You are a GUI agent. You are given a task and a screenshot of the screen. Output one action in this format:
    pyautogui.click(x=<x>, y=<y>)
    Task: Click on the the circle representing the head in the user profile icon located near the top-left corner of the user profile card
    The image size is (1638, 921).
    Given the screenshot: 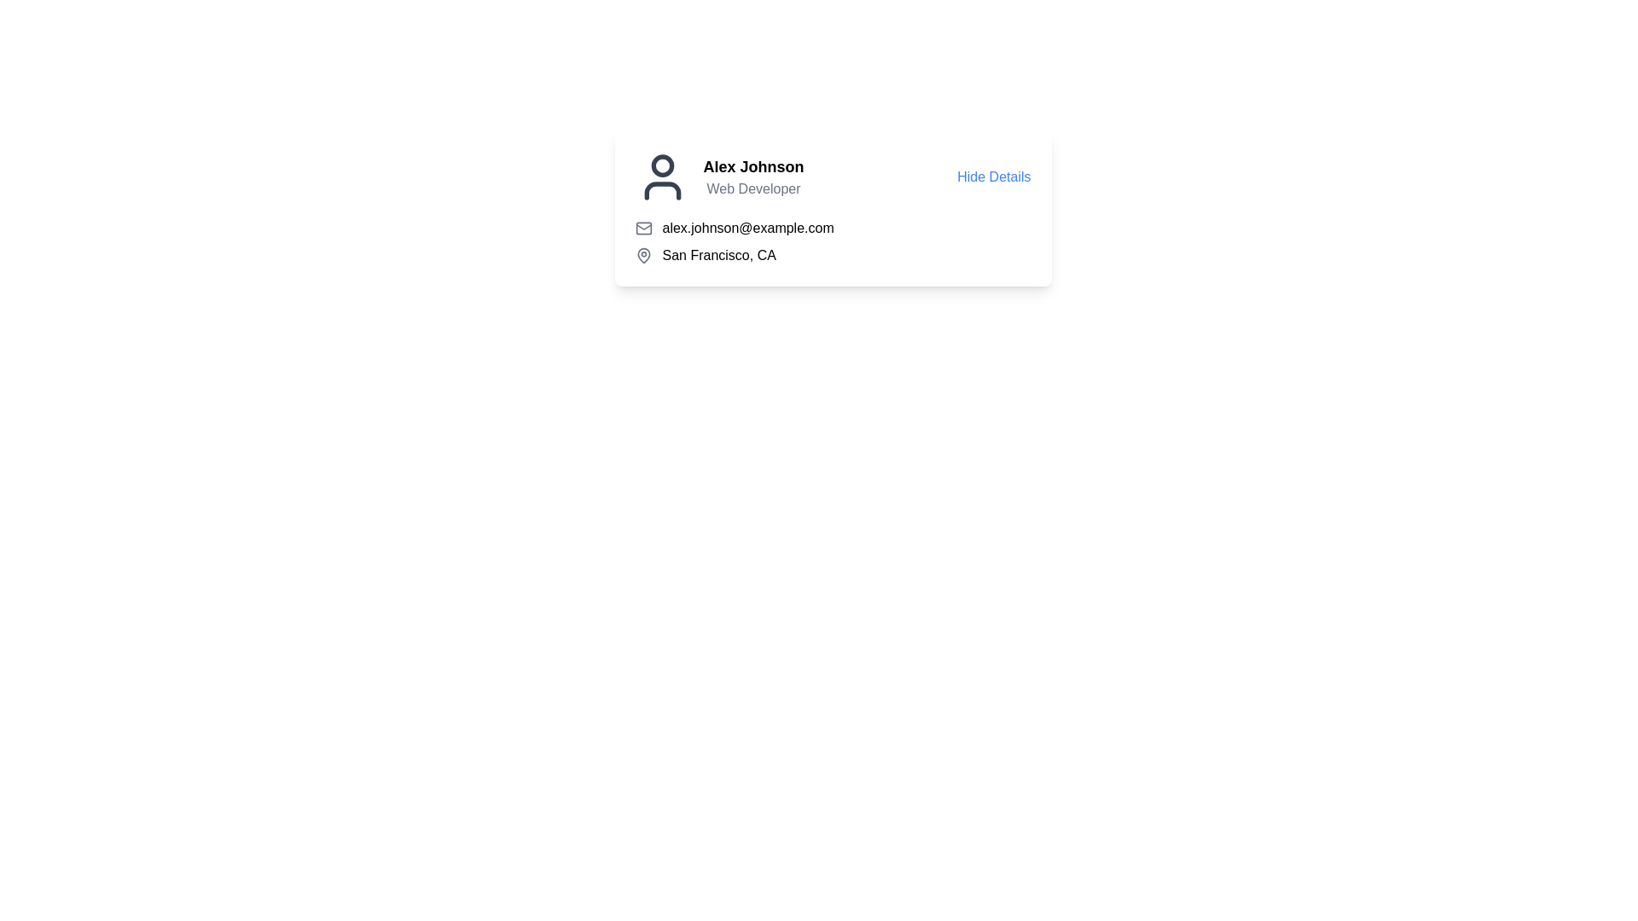 What is the action you would take?
    pyautogui.click(x=661, y=165)
    